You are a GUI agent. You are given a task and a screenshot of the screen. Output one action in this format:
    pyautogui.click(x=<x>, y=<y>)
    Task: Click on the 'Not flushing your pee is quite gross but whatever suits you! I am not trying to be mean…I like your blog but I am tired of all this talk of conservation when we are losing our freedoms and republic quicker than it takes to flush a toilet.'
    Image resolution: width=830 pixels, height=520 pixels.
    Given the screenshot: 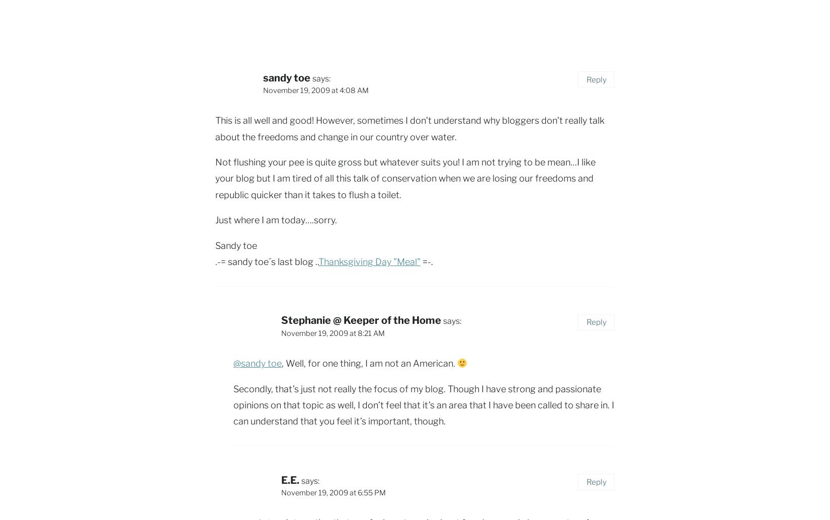 What is the action you would take?
    pyautogui.click(x=405, y=178)
    